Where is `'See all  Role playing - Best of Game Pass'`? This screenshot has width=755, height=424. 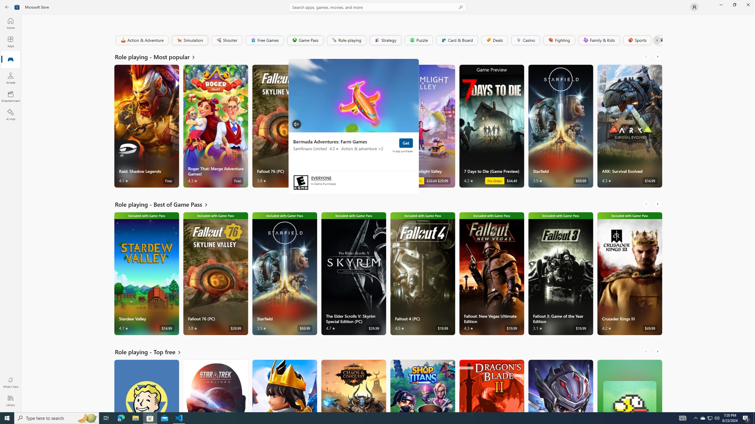
'See all  Role playing - Best of Game Pass' is located at coordinates (165, 204).